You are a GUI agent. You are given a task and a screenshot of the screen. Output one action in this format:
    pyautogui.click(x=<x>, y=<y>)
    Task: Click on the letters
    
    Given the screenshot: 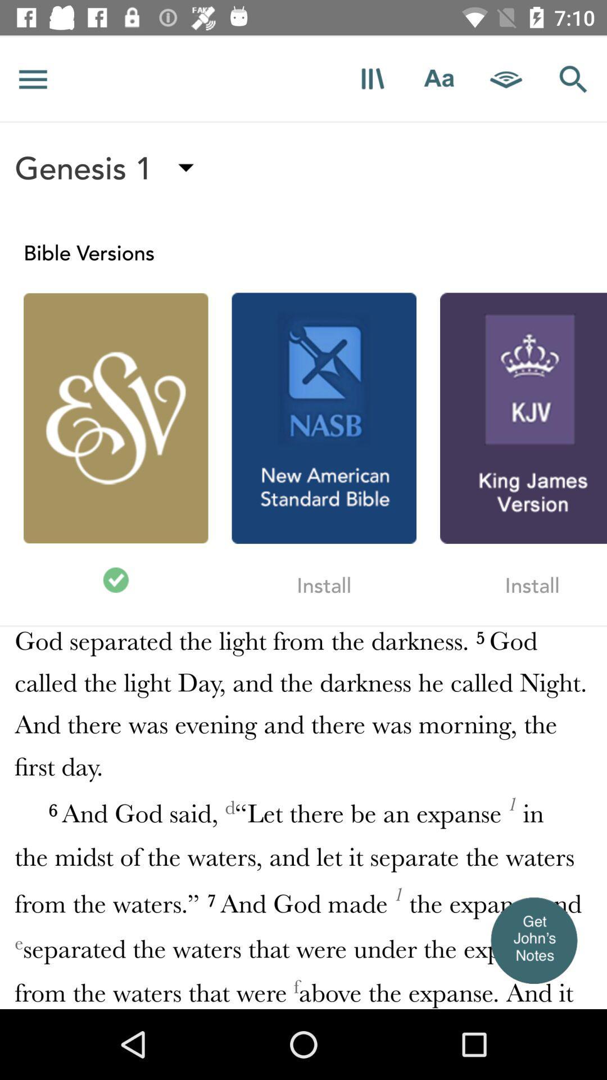 What is the action you would take?
    pyautogui.click(x=438, y=78)
    